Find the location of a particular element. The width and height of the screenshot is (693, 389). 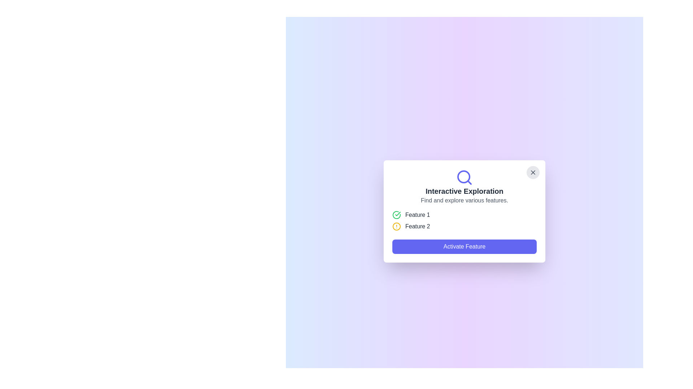

the circular vector graphic element located at the center of the magnifying glass icon in the header section of the floating card layout is located at coordinates (464, 176).